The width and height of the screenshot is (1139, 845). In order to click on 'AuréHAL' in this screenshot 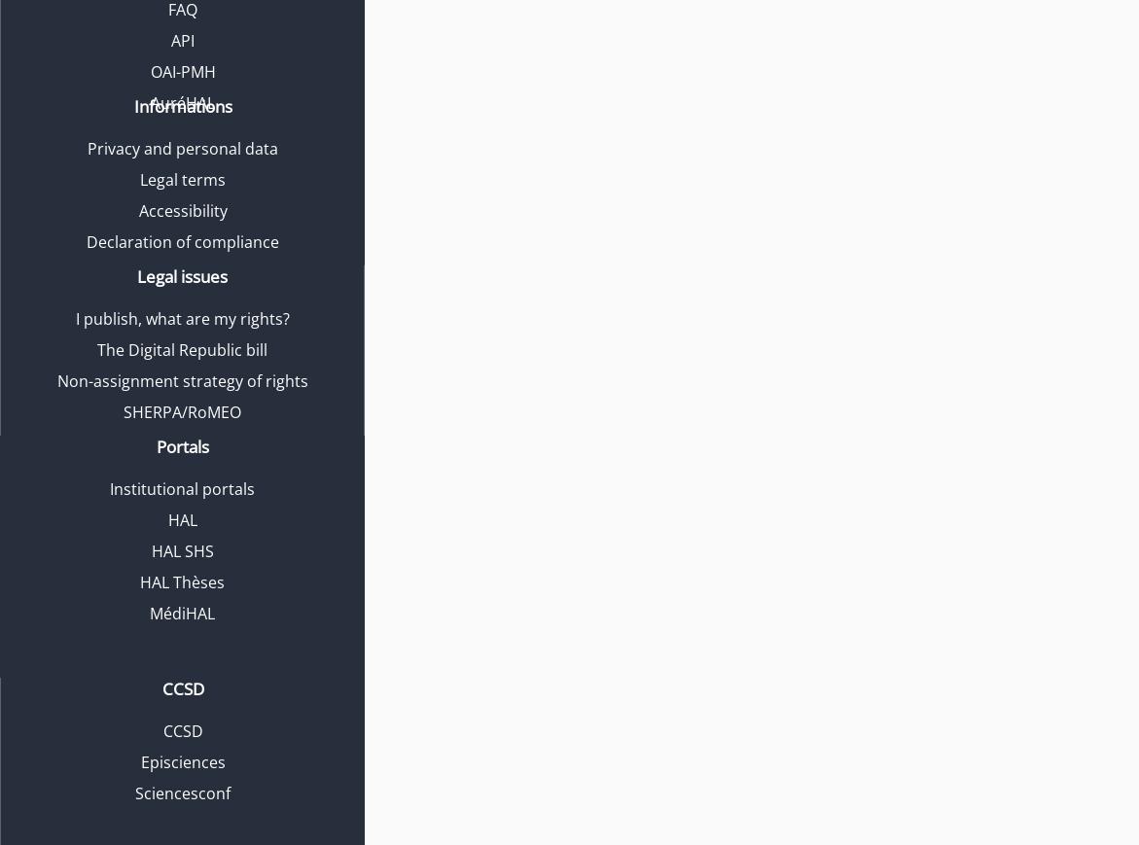, I will do `click(181, 102)`.